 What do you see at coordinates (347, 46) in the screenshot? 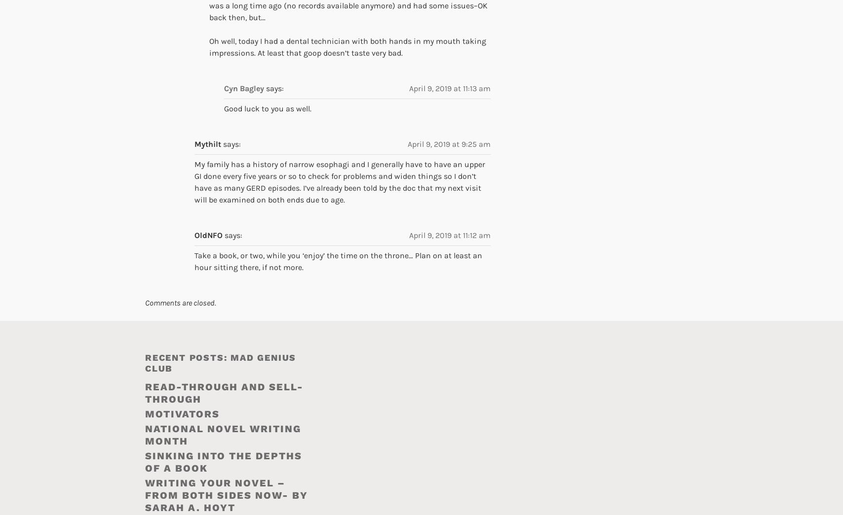
I see `'Oh well, today I had a dental technician with both hands in my mouth taking impressions. At least that goop doesn’t taste very bad.'` at bounding box center [347, 46].